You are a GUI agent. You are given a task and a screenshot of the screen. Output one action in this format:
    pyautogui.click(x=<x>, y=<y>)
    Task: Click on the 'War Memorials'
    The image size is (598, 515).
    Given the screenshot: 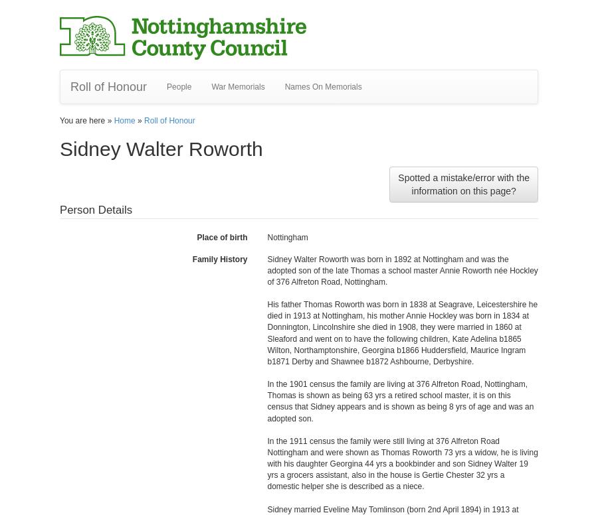 What is the action you would take?
    pyautogui.click(x=238, y=86)
    